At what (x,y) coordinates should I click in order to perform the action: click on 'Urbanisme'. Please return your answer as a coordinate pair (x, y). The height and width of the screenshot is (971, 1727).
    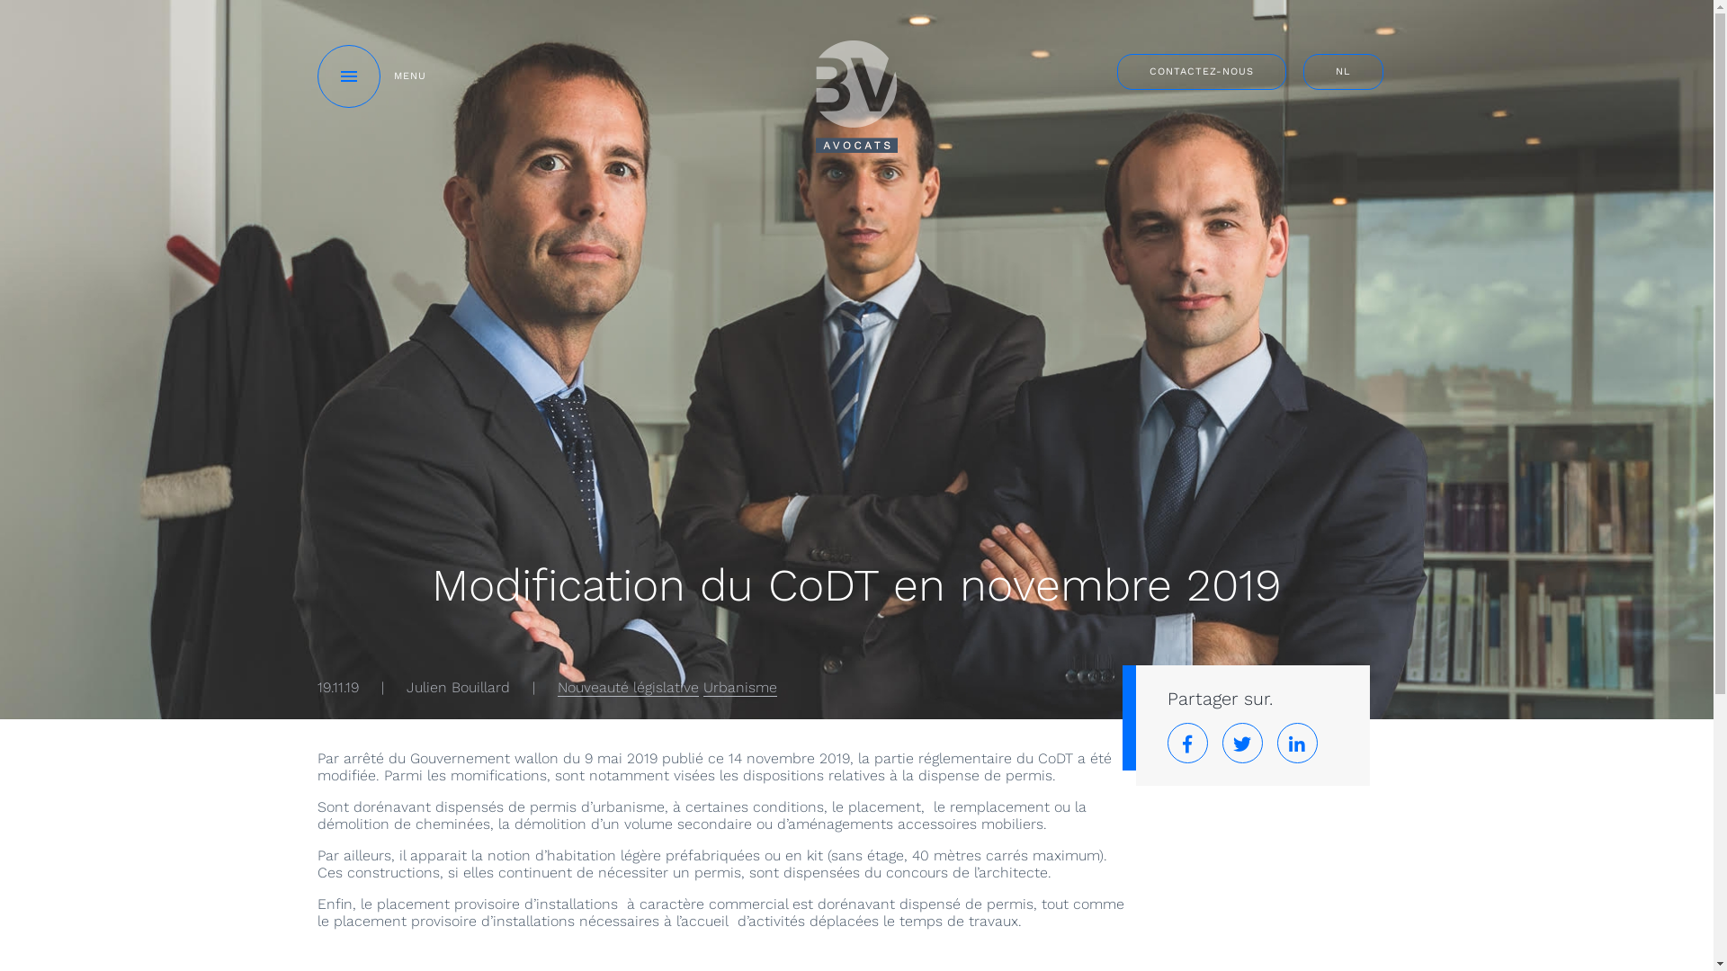
    Looking at the image, I should click on (702, 687).